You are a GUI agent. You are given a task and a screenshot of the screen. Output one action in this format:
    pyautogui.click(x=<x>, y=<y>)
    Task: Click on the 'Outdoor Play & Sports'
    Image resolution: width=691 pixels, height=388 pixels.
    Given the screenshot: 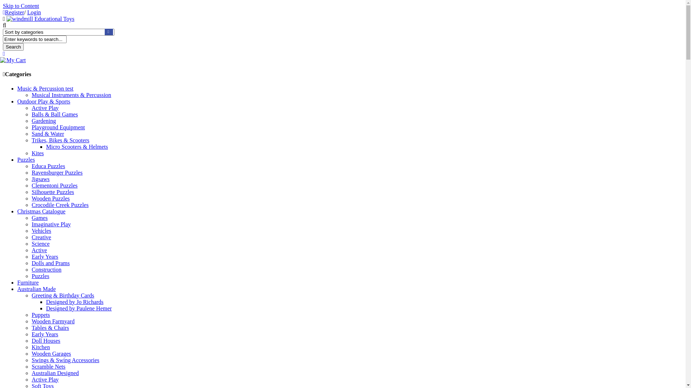 What is the action you would take?
    pyautogui.click(x=43, y=101)
    